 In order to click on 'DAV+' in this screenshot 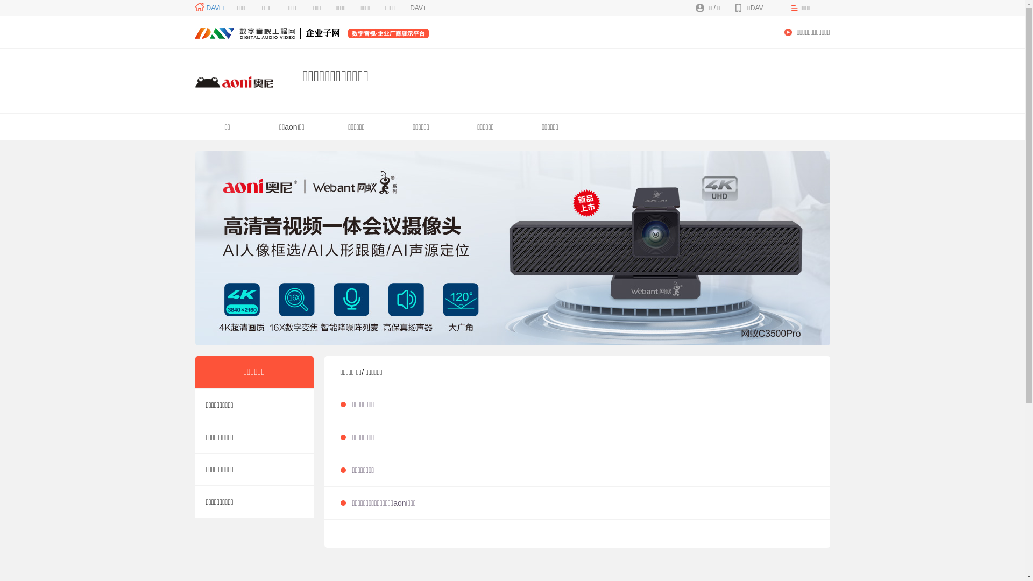, I will do `click(409, 8)`.